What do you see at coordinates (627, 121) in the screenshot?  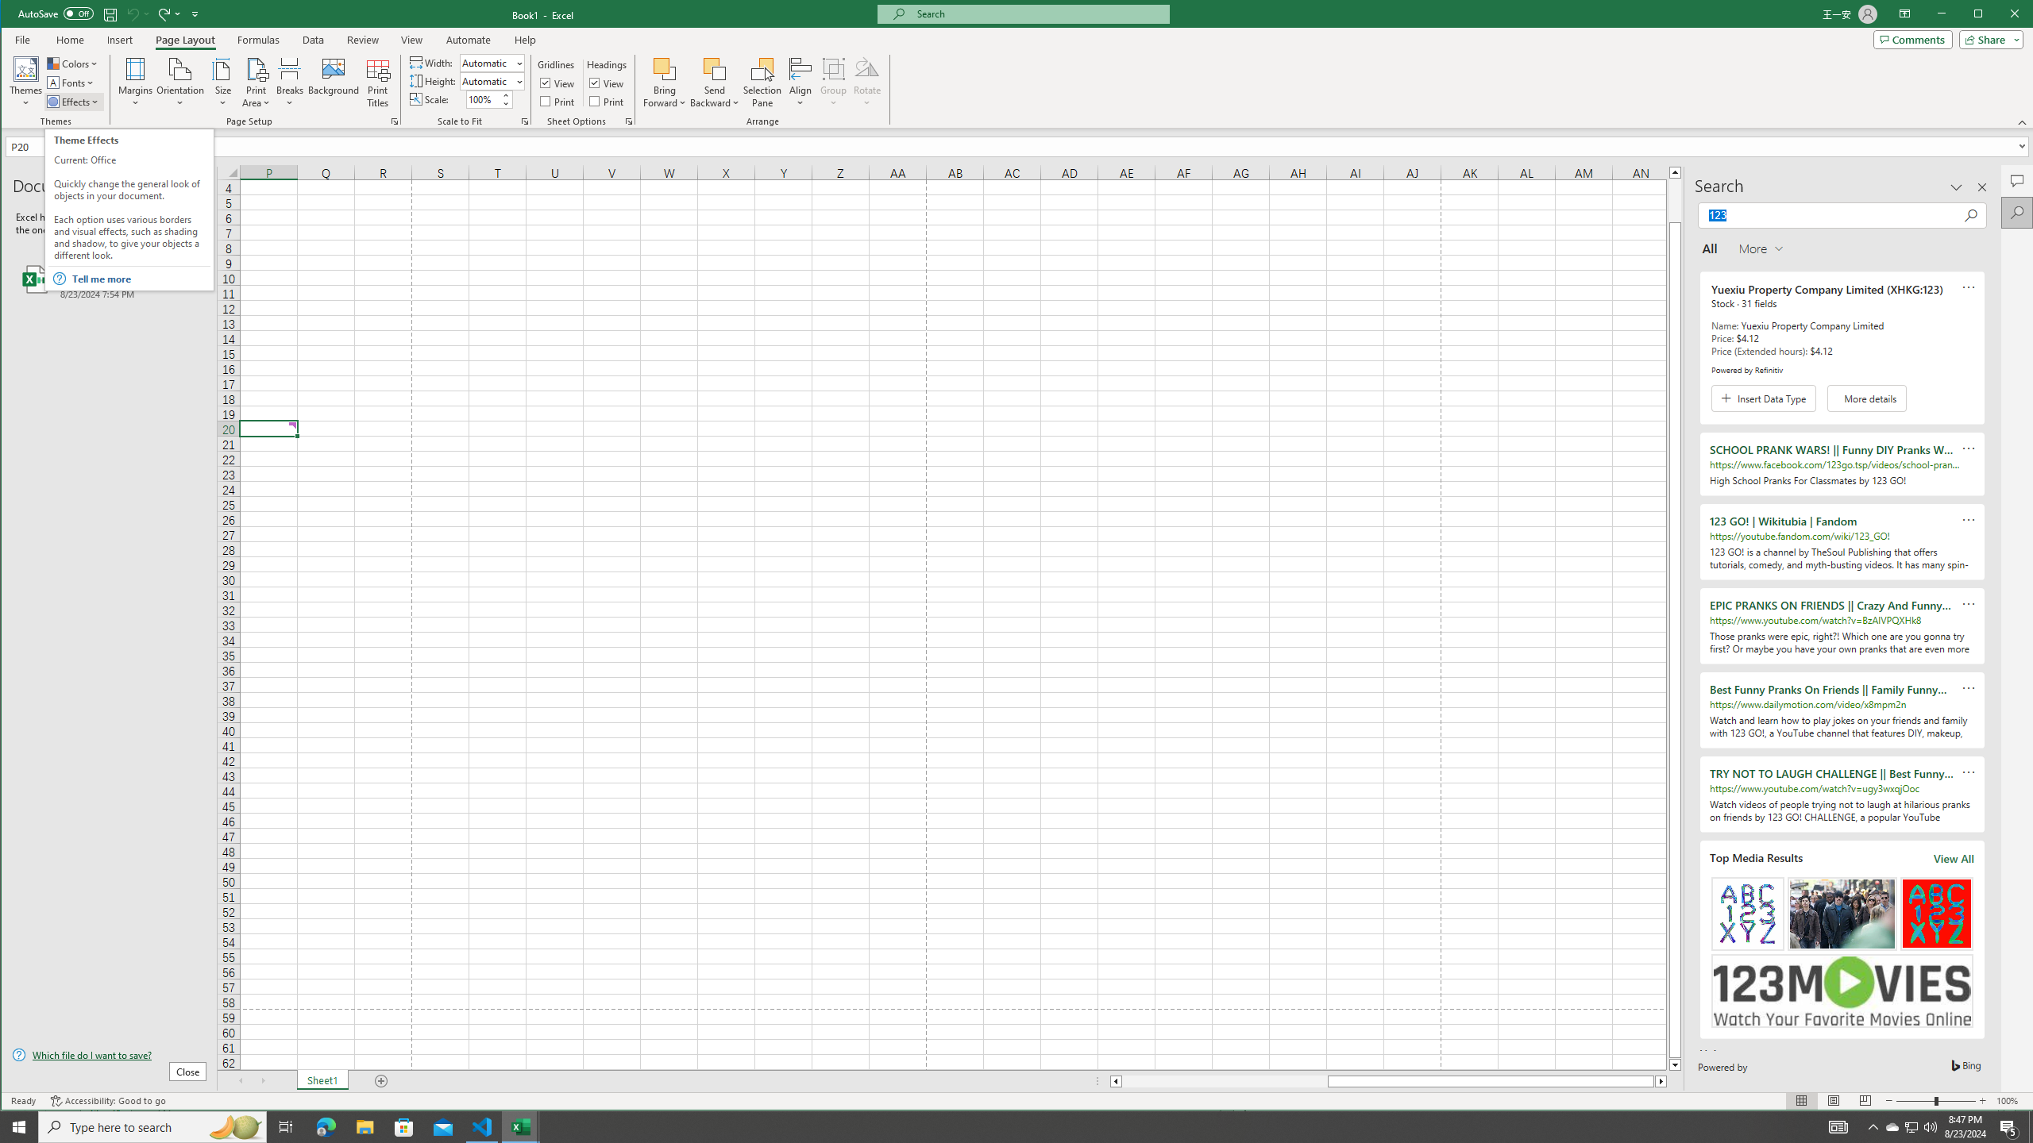 I see `'Sheet Options'` at bounding box center [627, 121].